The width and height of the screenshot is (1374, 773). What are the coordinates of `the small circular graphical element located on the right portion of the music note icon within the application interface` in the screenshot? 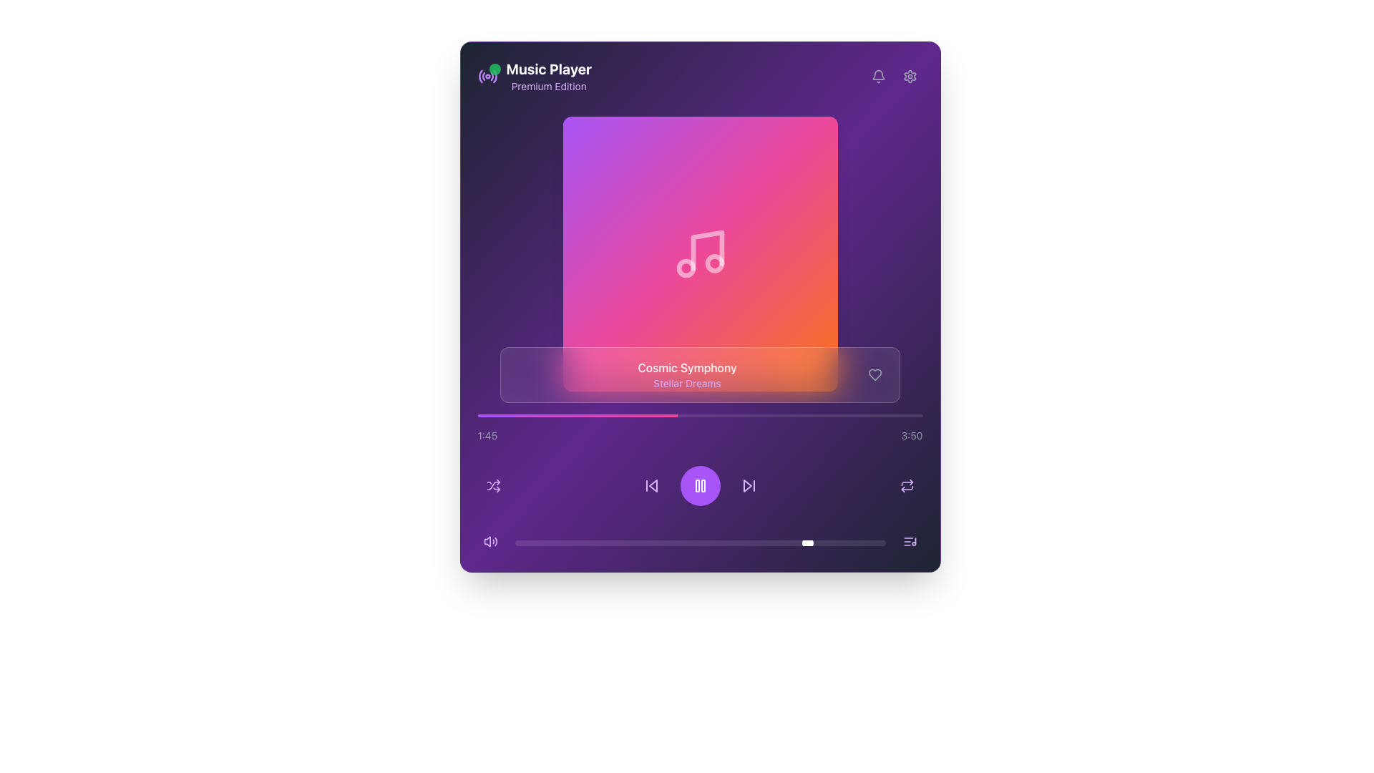 It's located at (714, 263).